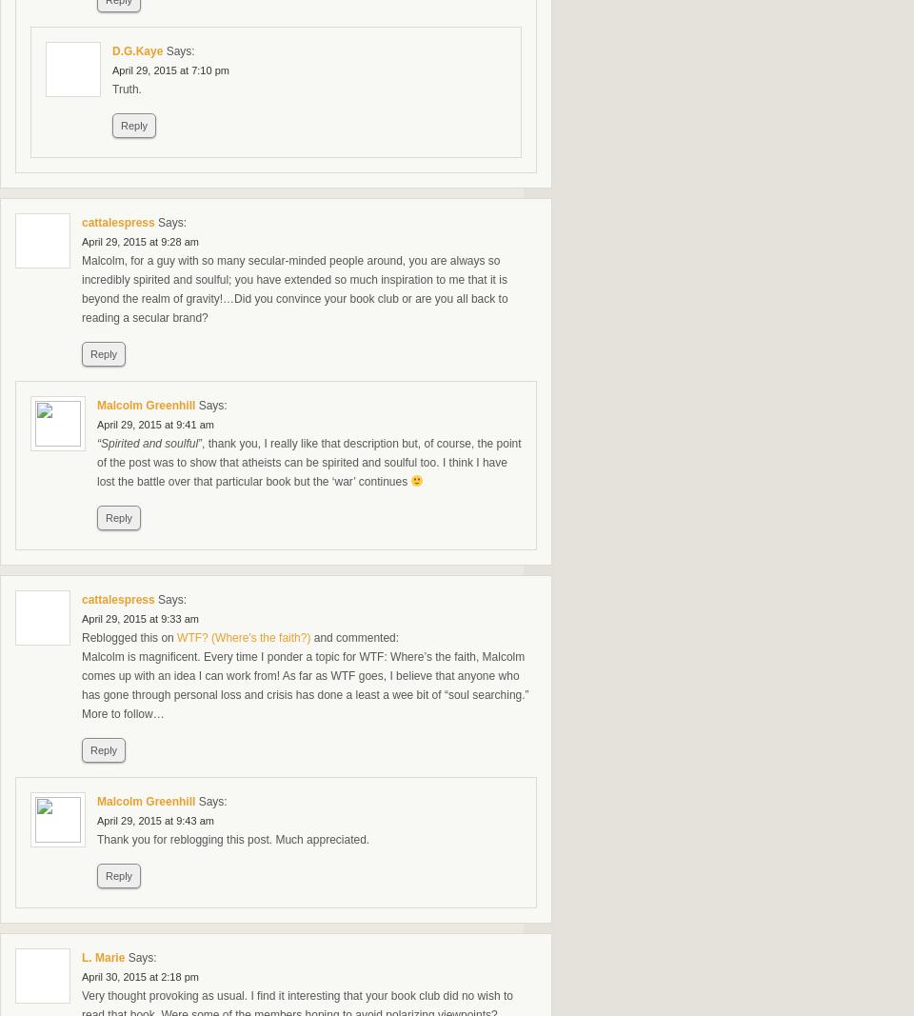  What do you see at coordinates (138, 242) in the screenshot?
I see `'April 29, 2015 at 9:28 am'` at bounding box center [138, 242].